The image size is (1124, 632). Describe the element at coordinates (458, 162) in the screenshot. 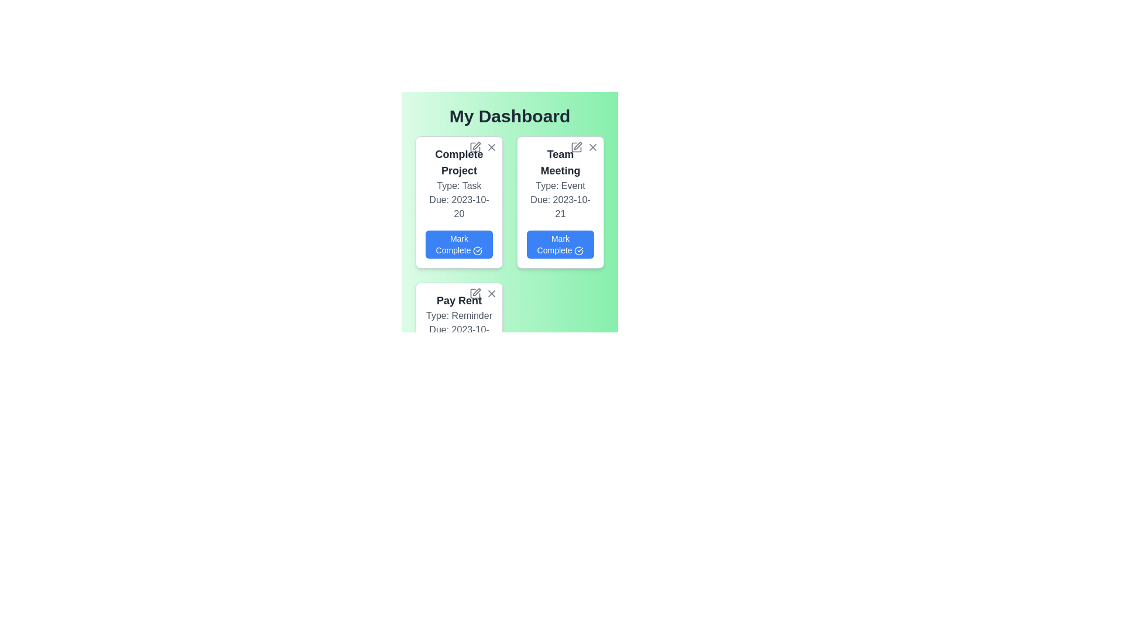

I see `the 'Complete Project' text label, which is a bold, larger font text in dark gray, located at the top left of the card in the dashboard interface` at that location.